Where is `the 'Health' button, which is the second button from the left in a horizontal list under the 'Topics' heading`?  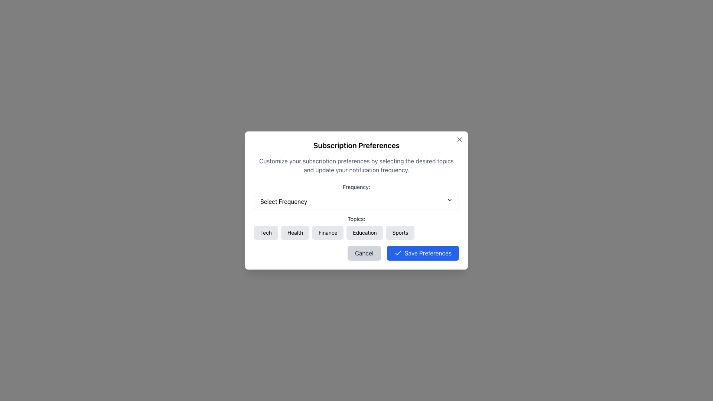
the 'Health' button, which is the second button from the left in a horizontal list under the 'Topics' heading is located at coordinates (295, 232).